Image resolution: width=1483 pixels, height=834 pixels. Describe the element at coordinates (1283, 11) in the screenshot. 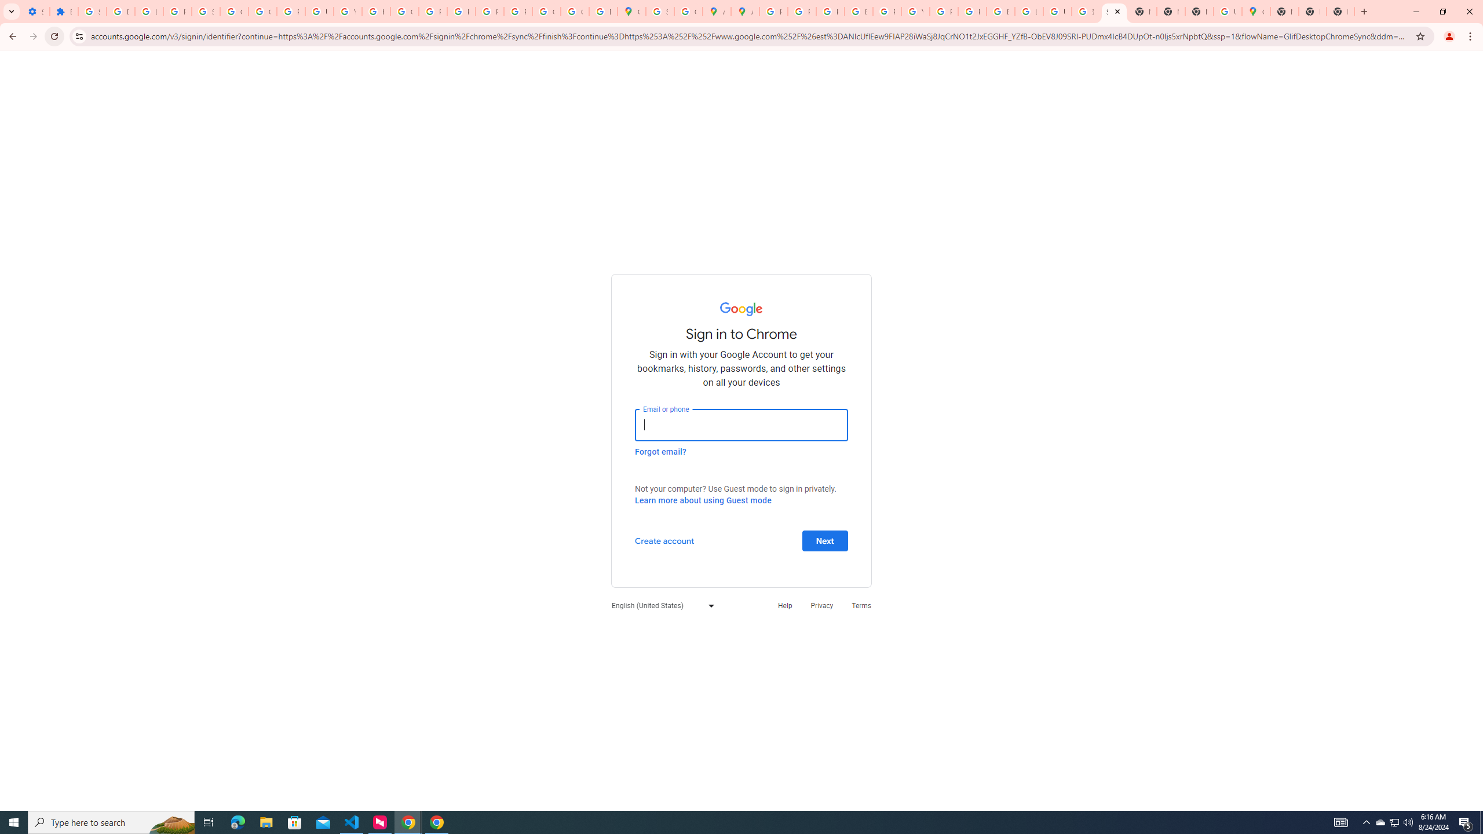

I see `'New Tab'` at that location.